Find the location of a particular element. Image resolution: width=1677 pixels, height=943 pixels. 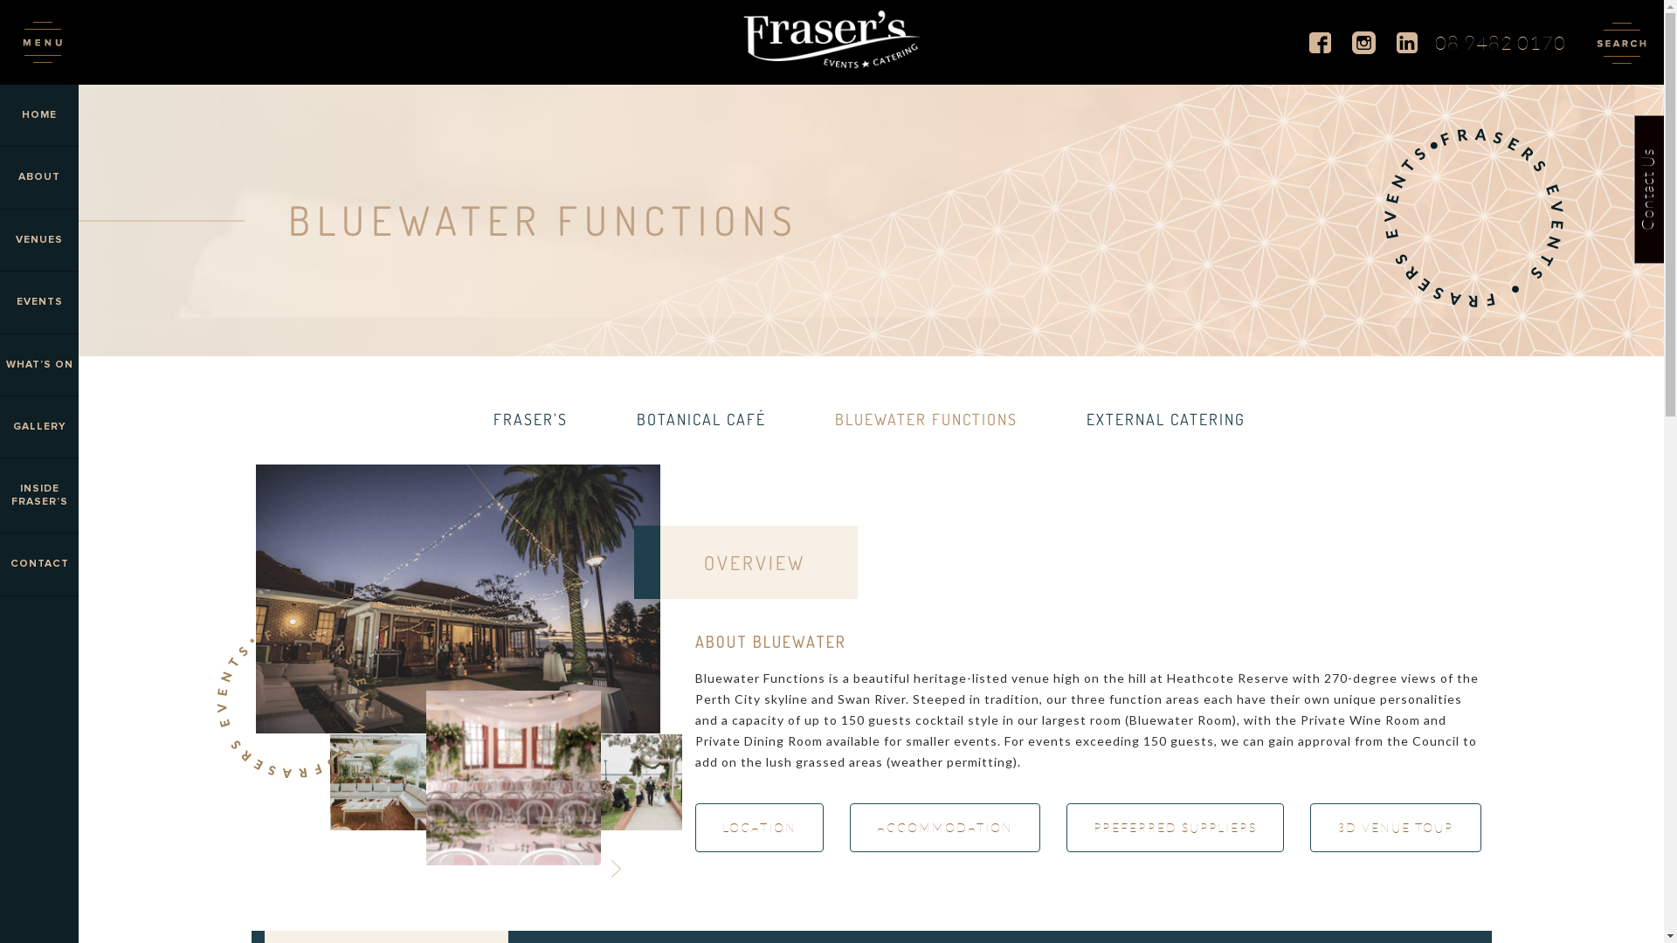

'PREFERRED SUPPLIERS' is located at coordinates (1065, 827).